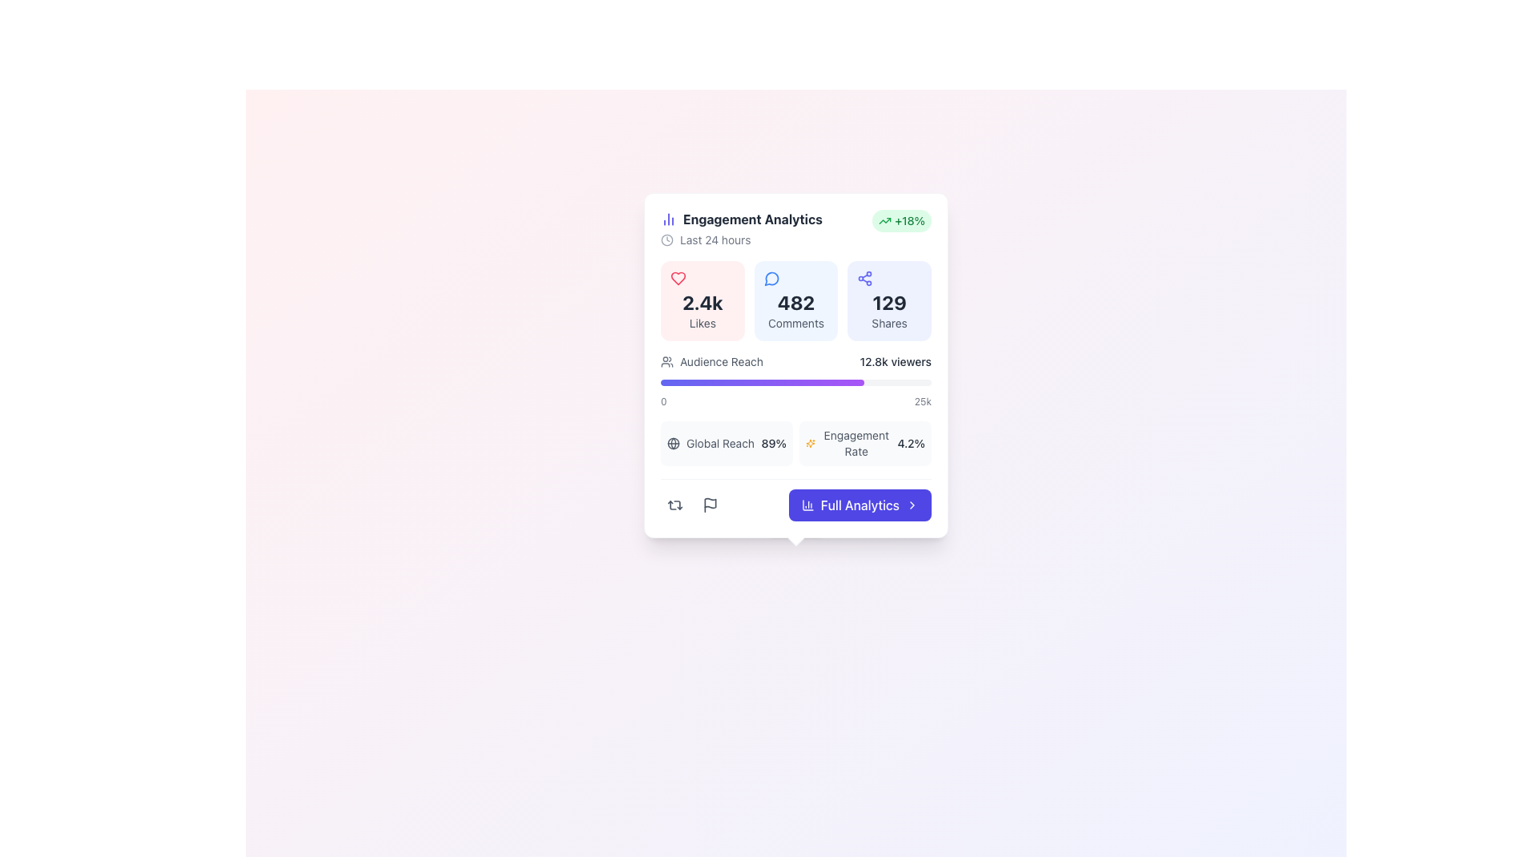 The width and height of the screenshot is (1538, 865). Describe the element at coordinates (761, 383) in the screenshot. I see `the Progress bar segment indicating the 'Audience Reach' metric, located below the label and above the numerical scale` at that location.